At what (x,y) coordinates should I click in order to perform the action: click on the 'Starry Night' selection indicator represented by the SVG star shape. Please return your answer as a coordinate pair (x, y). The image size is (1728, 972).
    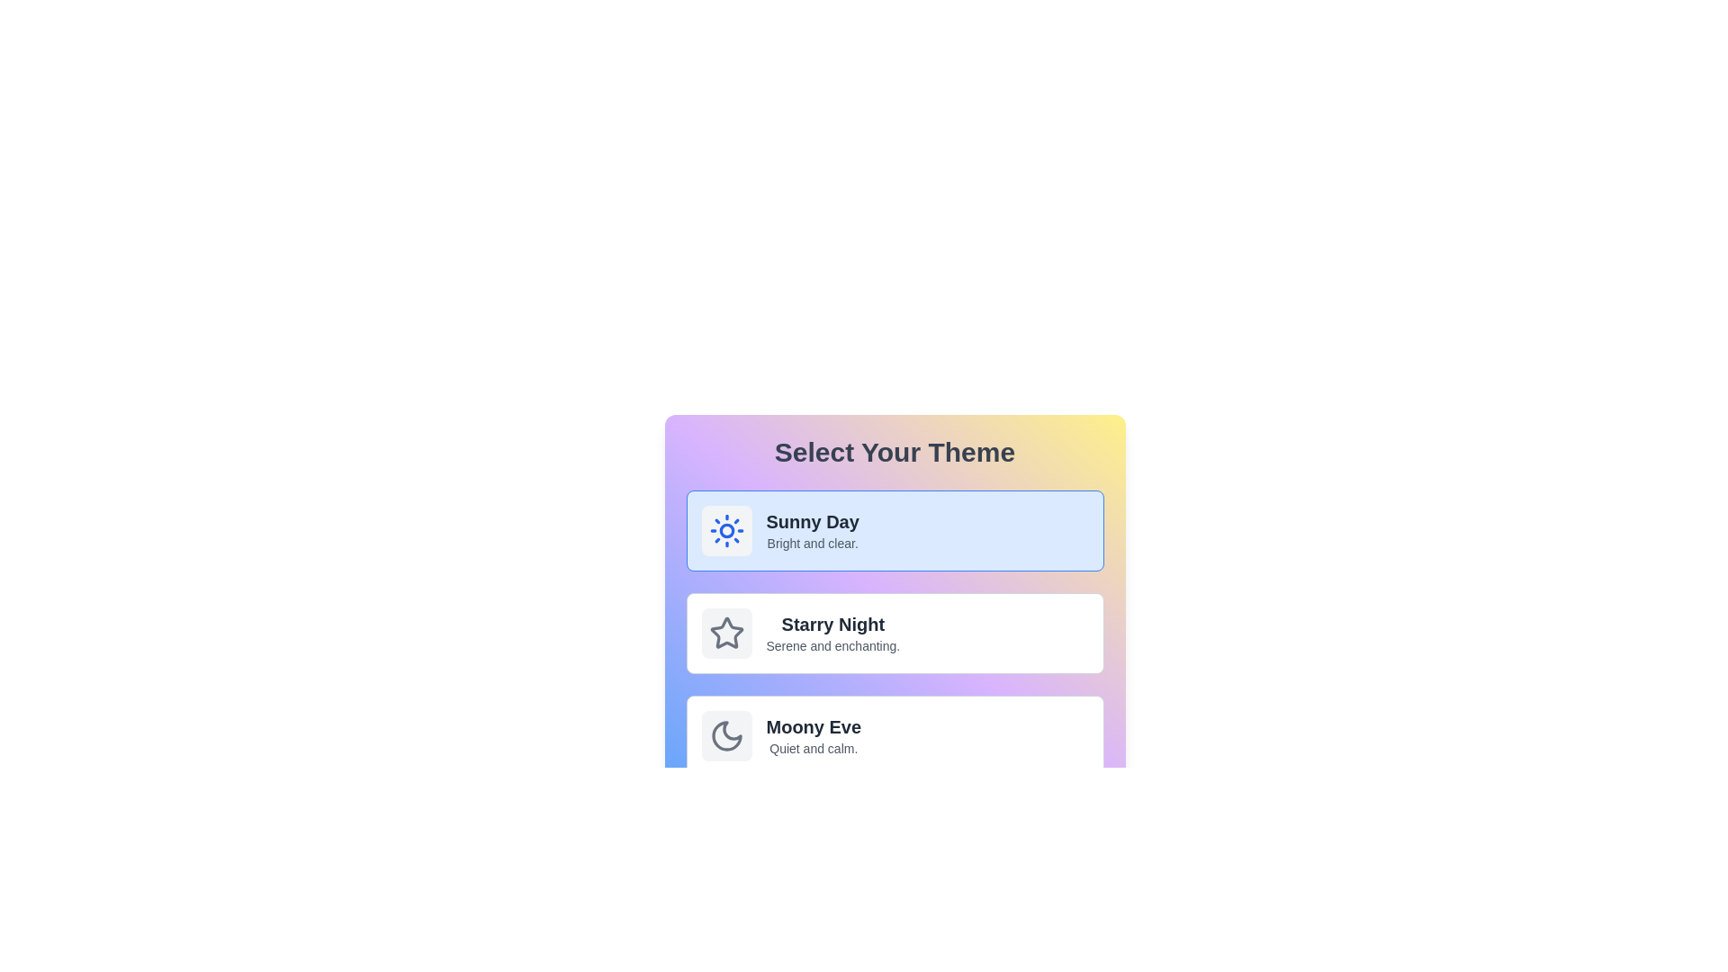
    Looking at the image, I should click on (726, 632).